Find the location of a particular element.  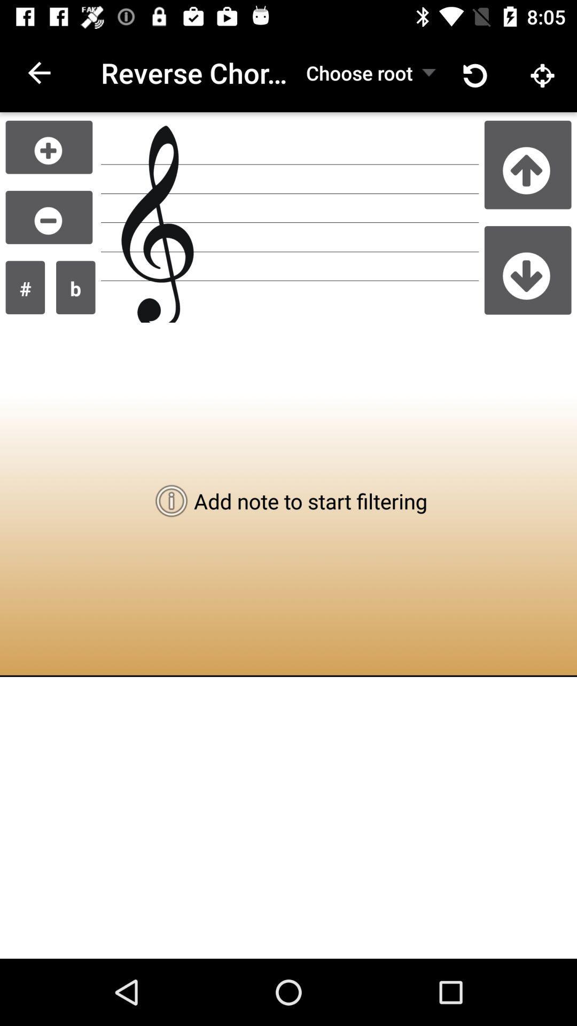

the icon to the right of the reverse chord lookup item is located at coordinates (359, 72).